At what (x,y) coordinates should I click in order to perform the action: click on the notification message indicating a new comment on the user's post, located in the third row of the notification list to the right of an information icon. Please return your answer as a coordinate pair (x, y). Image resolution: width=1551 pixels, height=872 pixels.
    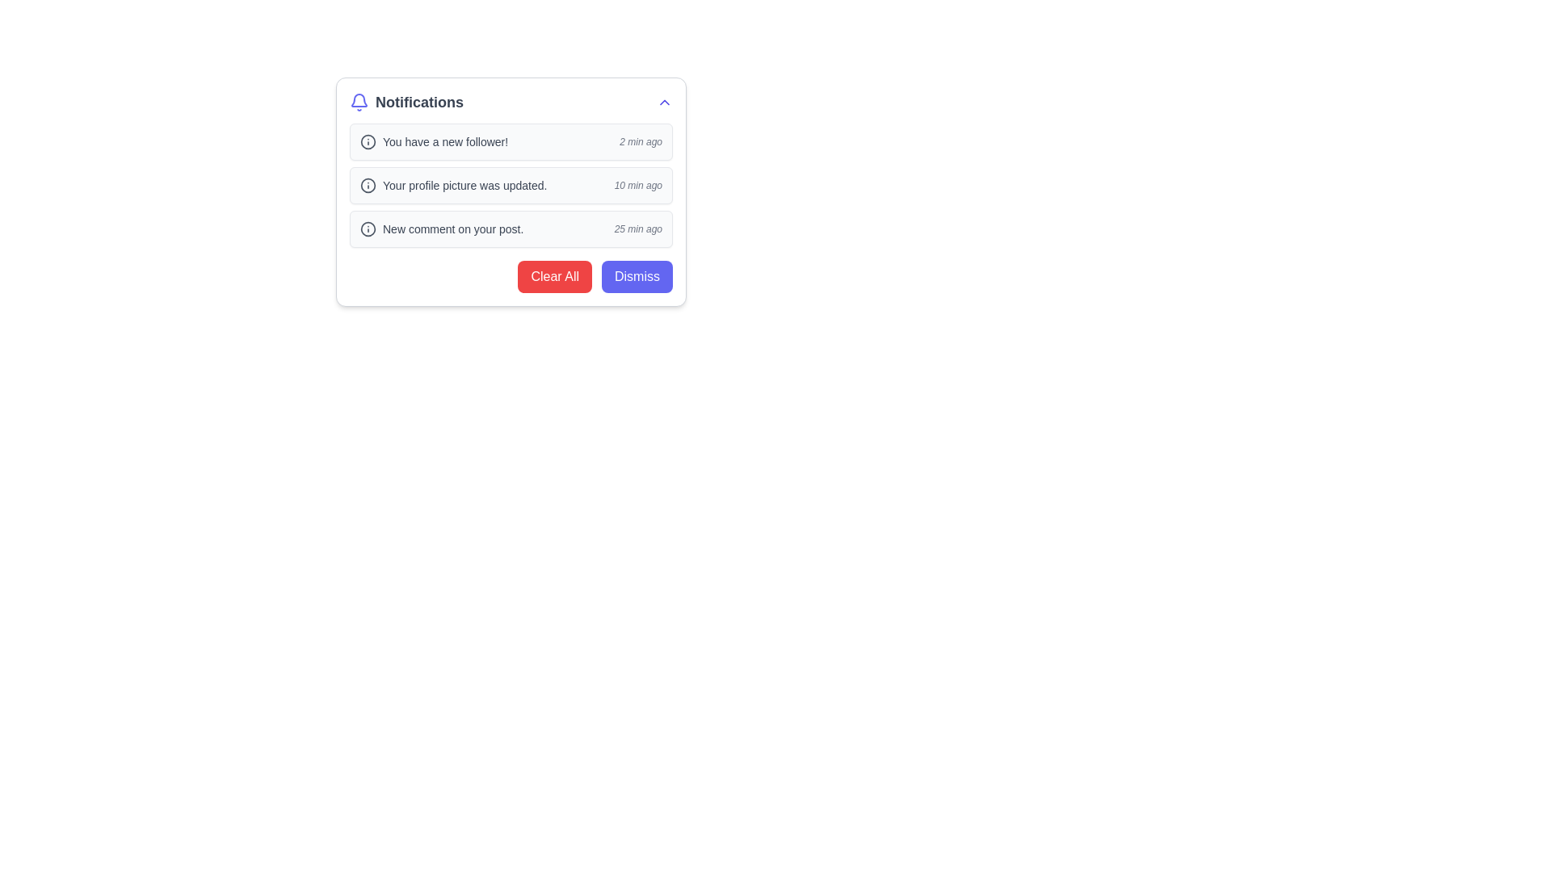
    Looking at the image, I should click on (452, 229).